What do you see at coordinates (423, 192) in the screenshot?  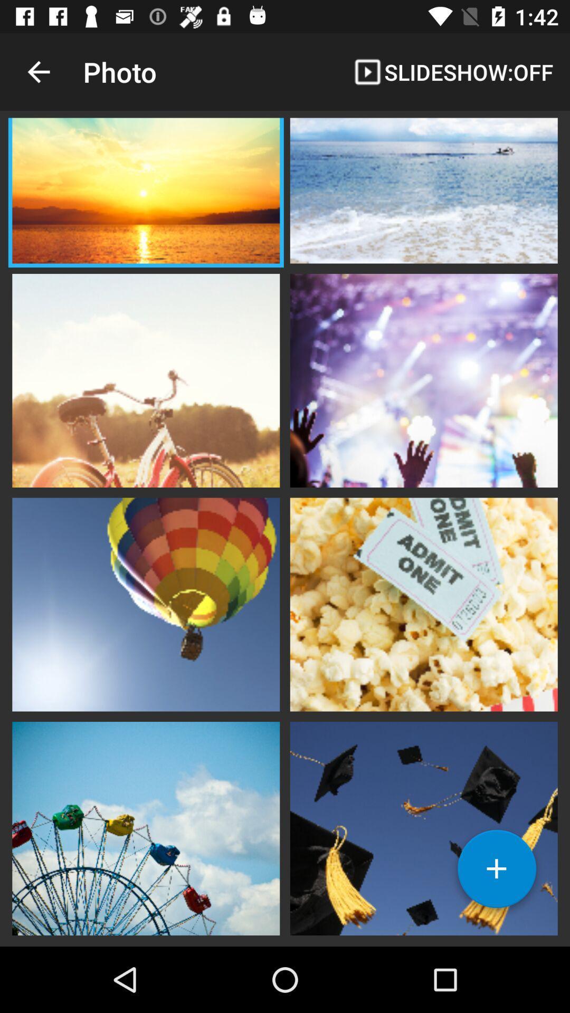 I see `picture` at bounding box center [423, 192].